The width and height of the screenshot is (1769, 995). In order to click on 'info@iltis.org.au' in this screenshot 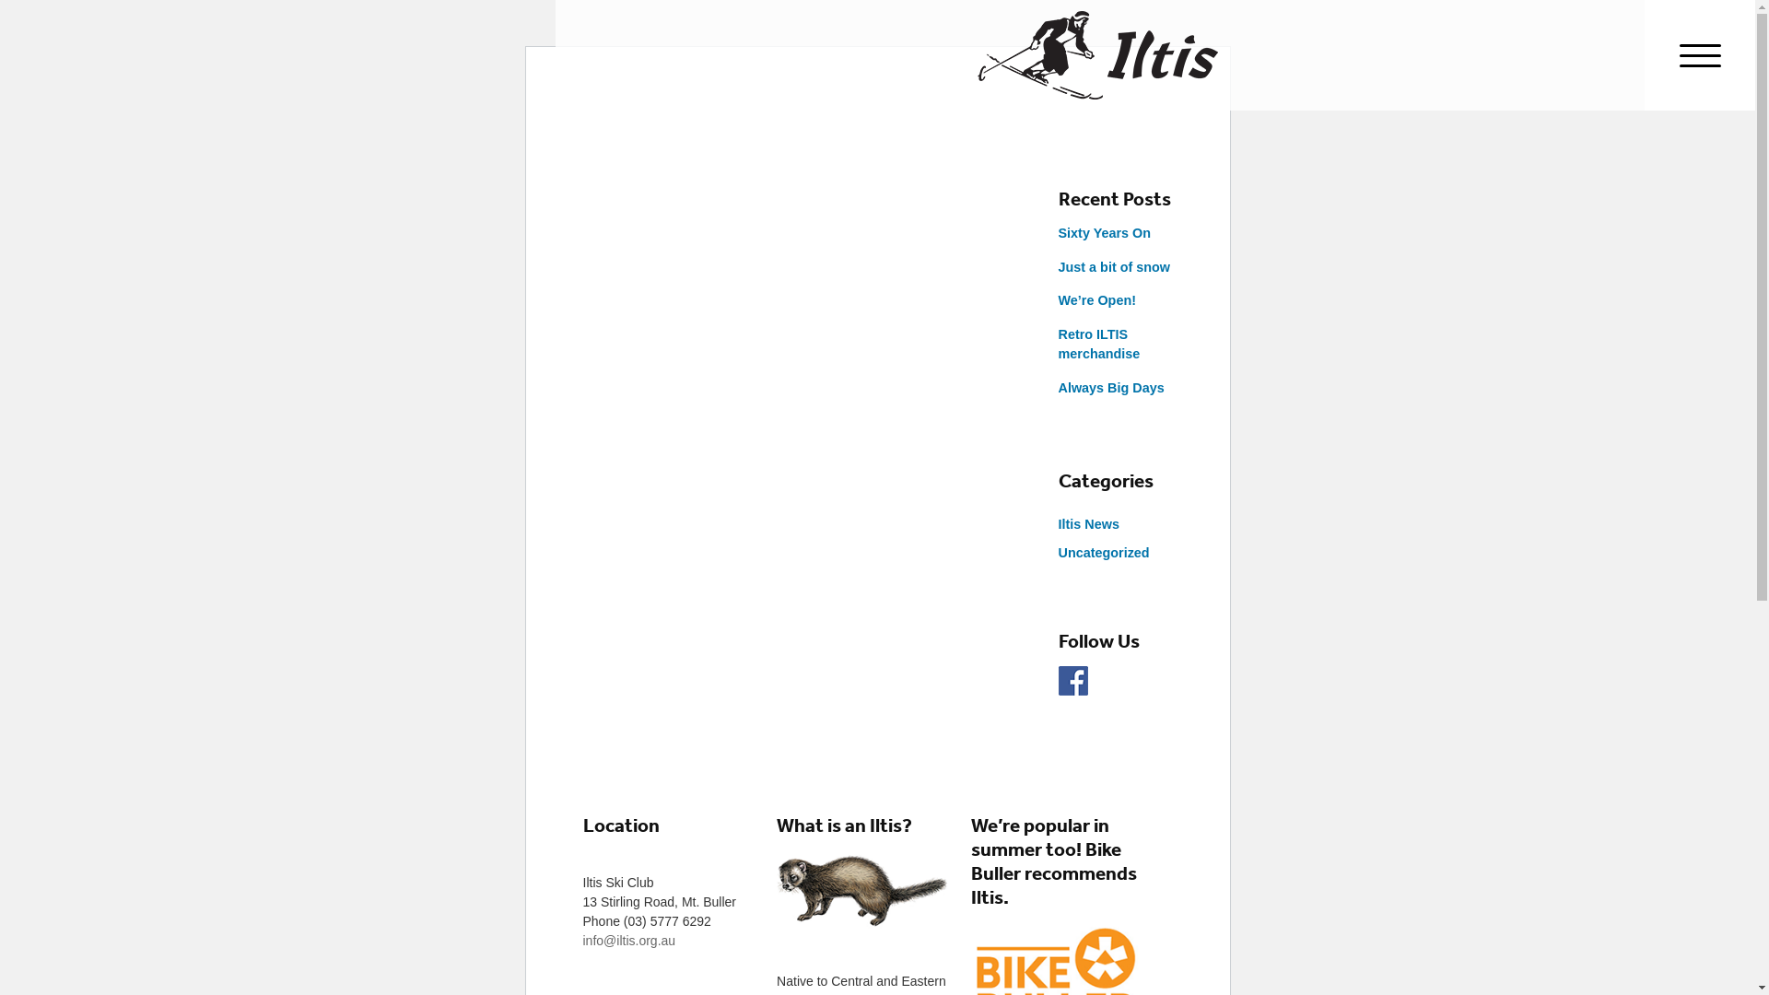, I will do `click(628, 941)`.